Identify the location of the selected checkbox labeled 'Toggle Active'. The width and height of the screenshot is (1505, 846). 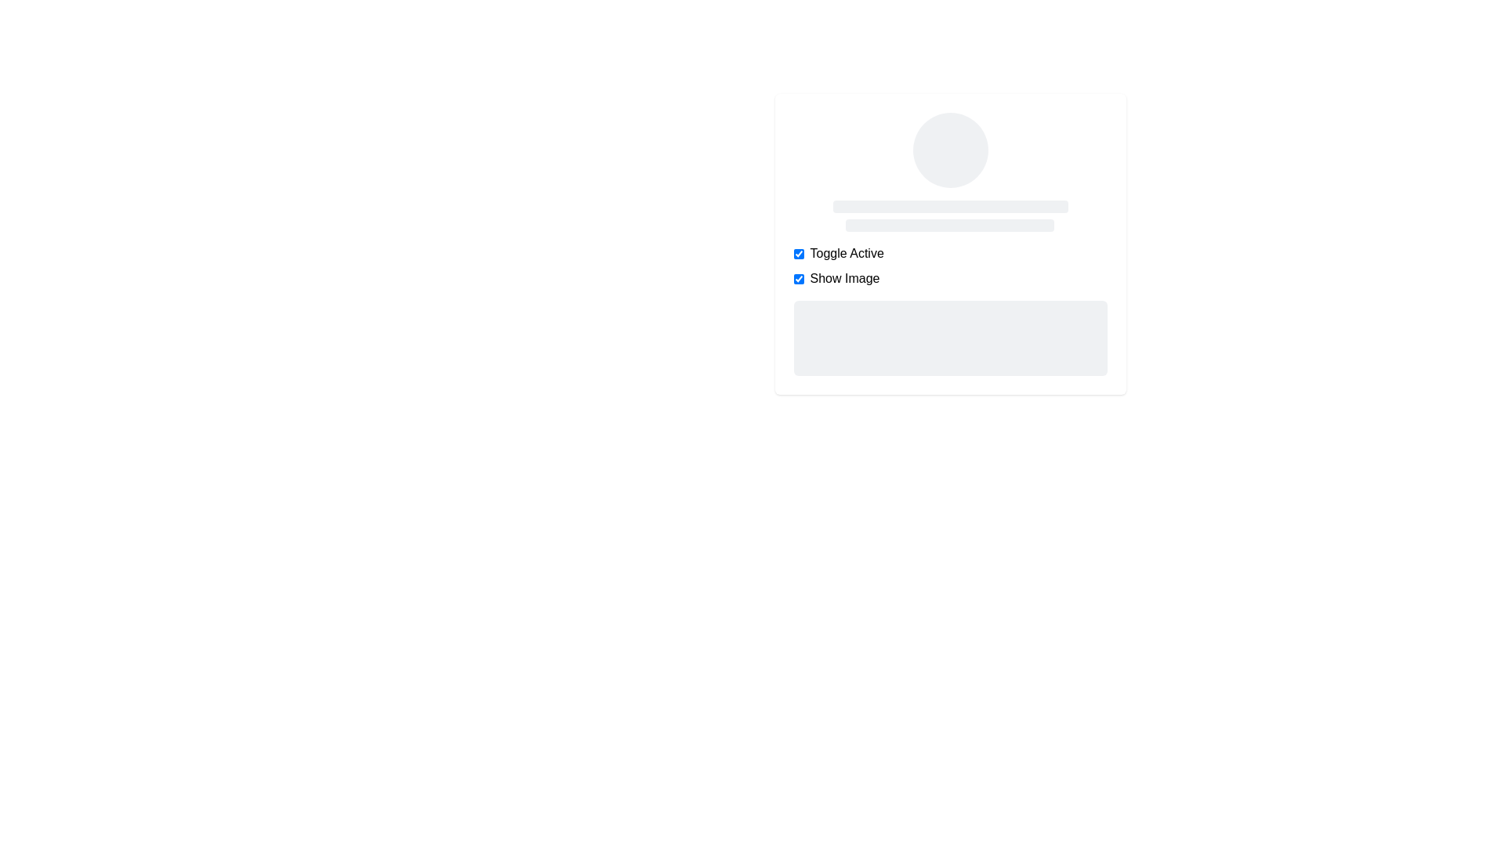
(949, 253).